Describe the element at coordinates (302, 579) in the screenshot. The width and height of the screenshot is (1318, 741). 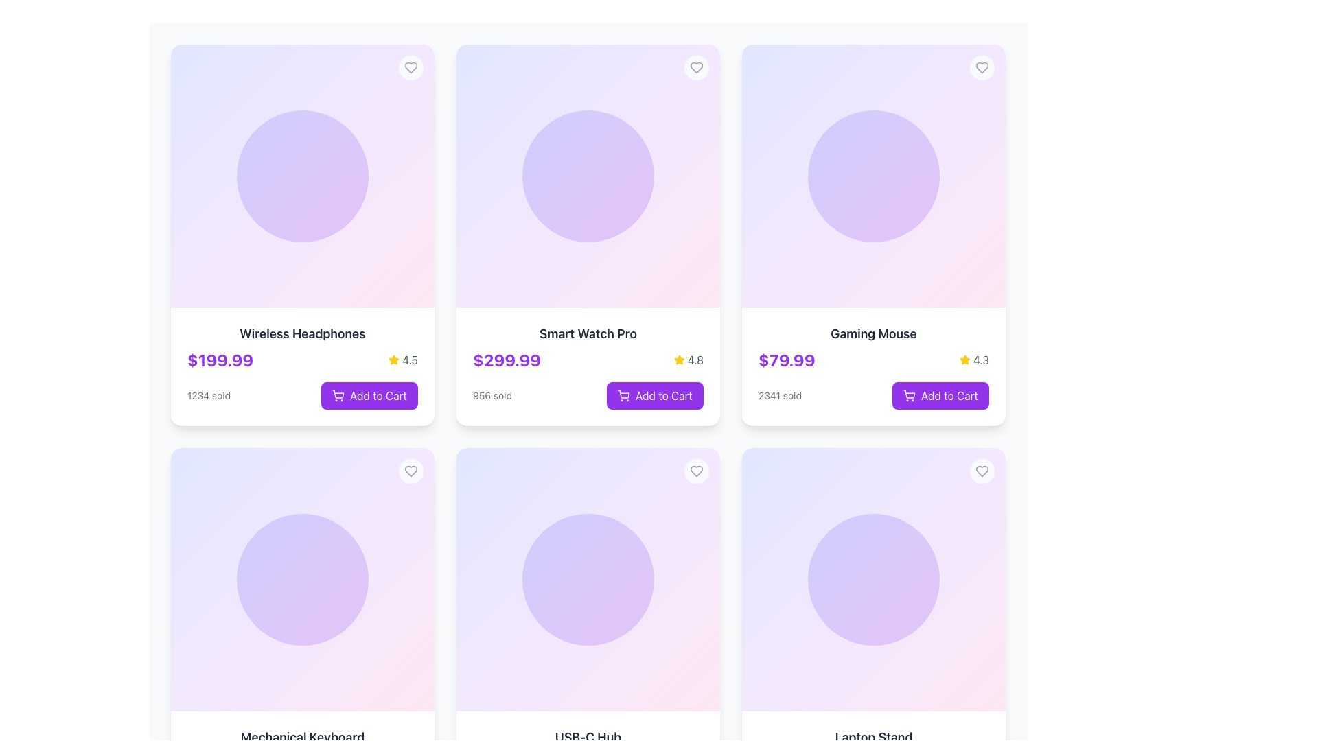
I see `the decorative background or image placeholder in the product card labeled 'Mechanical Keyboard', located in the second row and first column of the product grid` at that location.